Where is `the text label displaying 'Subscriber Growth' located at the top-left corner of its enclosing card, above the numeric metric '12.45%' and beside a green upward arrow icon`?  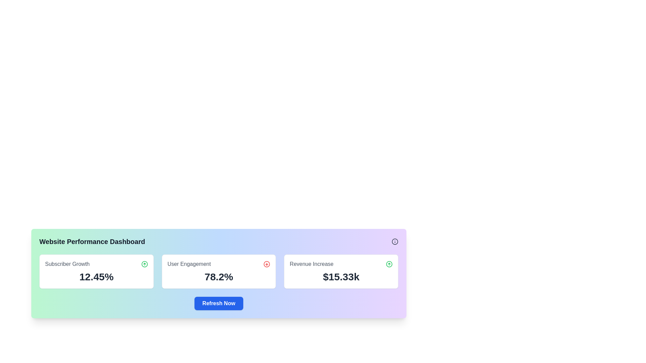 the text label displaying 'Subscriber Growth' located at the top-left corner of its enclosing card, above the numeric metric '12.45%' and beside a green upward arrow icon is located at coordinates (67, 264).